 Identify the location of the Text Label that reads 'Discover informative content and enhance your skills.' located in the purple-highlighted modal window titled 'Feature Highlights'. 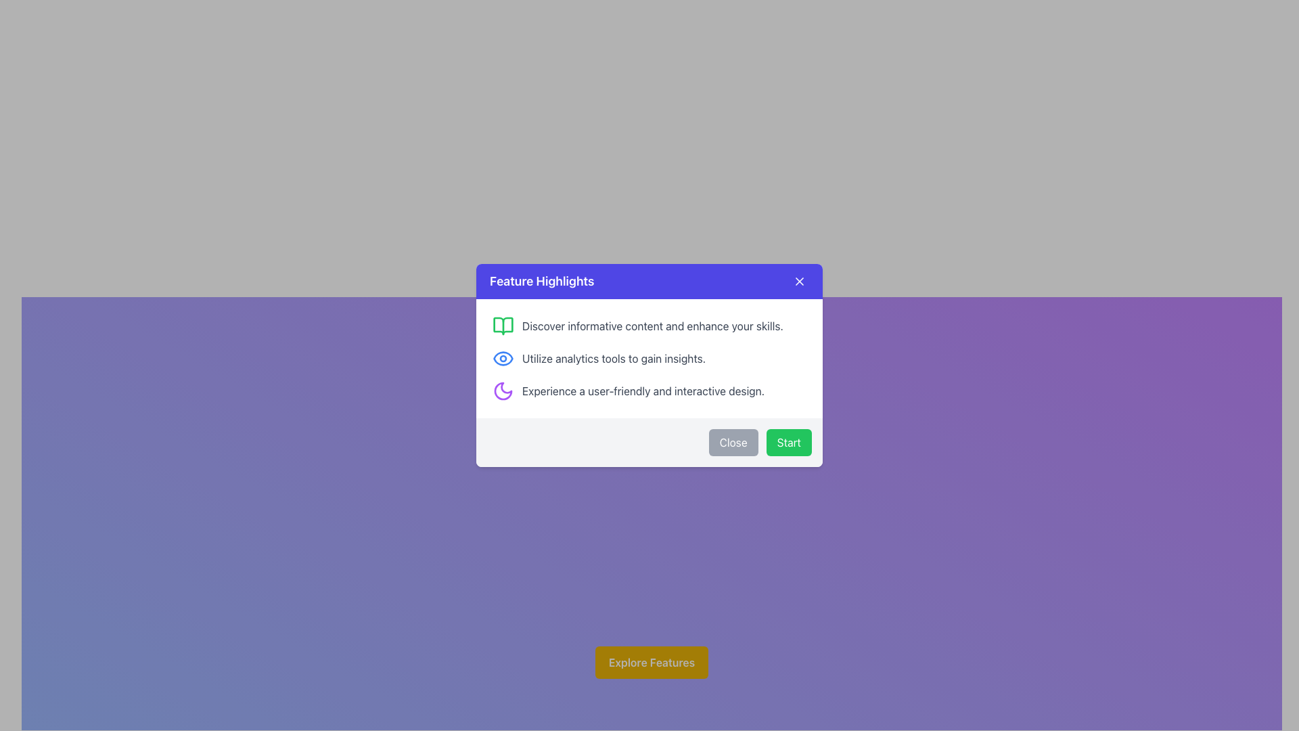
(652, 326).